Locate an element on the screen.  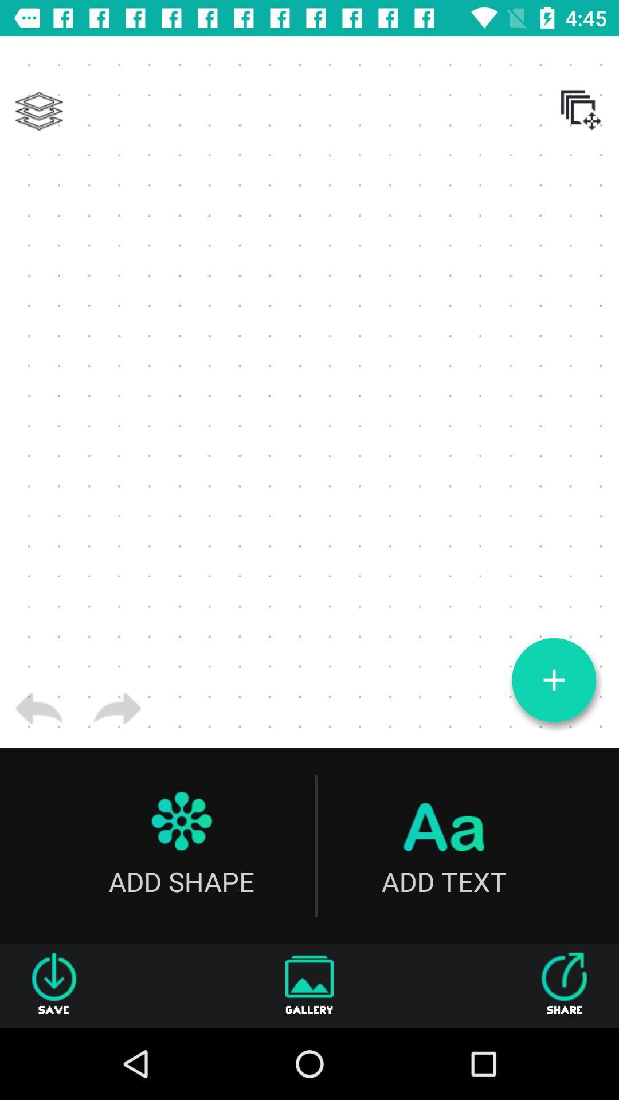
gallery is located at coordinates (309, 985).